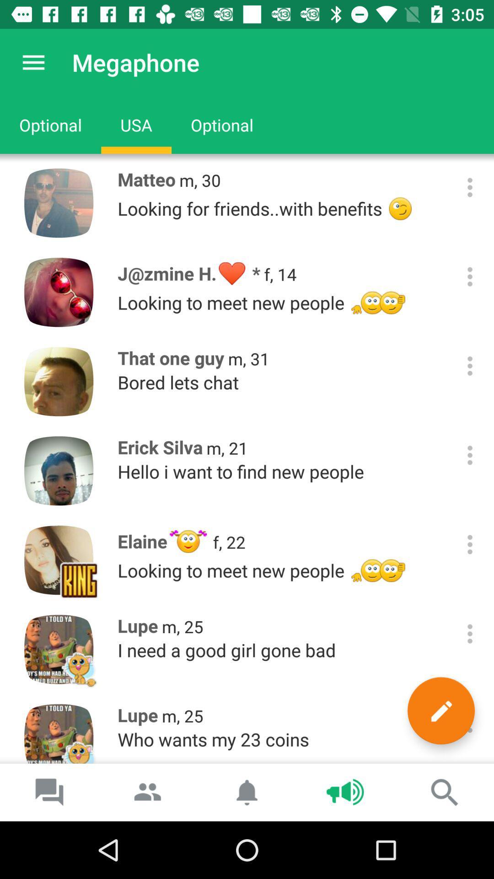 This screenshot has height=879, width=494. I want to click on more option, so click(470, 633).